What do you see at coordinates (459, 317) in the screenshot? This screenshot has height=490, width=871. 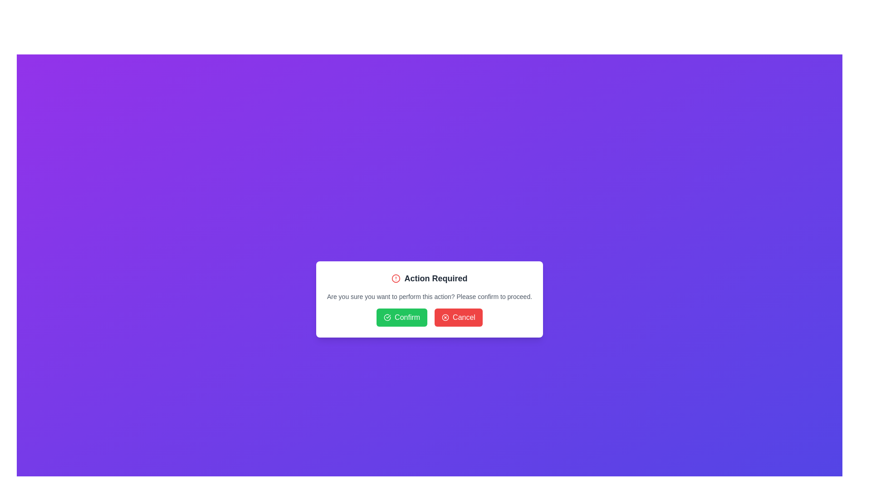 I see `the cancel button located on the right side of the confirm button in the centered dialog box` at bounding box center [459, 317].